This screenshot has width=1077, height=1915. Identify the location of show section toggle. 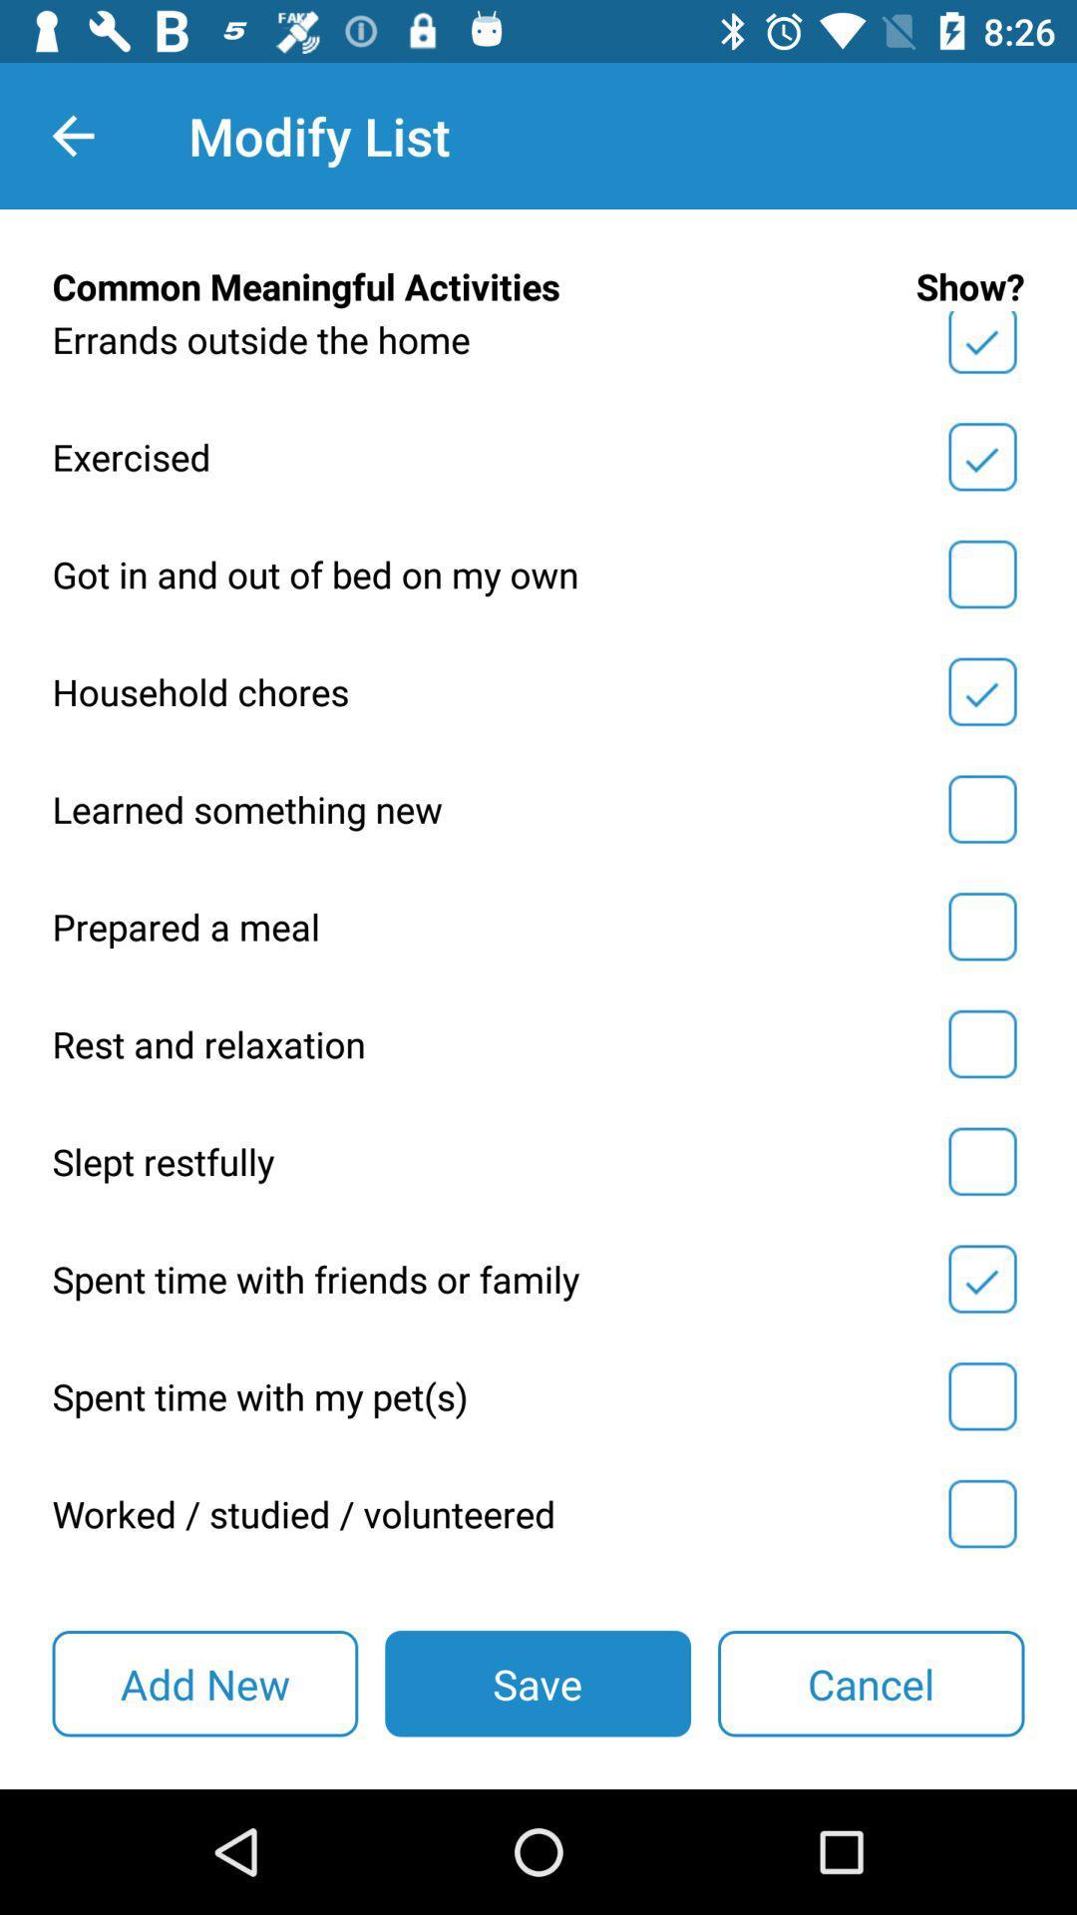
(981, 456).